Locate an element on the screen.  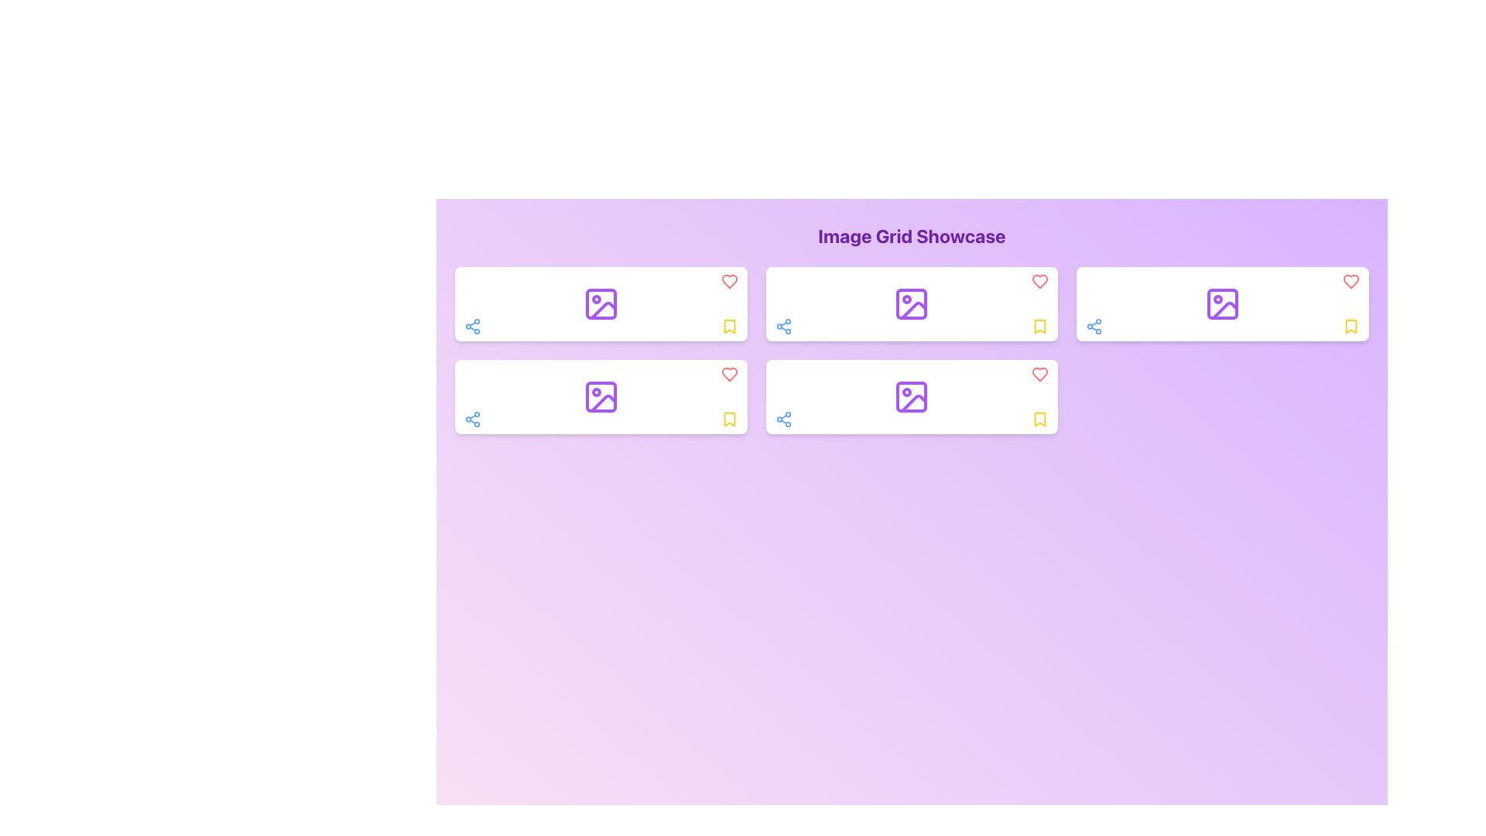
the primary rectangular block of the purple image placeholder icon, which is the second icon from the left in the top row of the grid layout is located at coordinates (912, 304).